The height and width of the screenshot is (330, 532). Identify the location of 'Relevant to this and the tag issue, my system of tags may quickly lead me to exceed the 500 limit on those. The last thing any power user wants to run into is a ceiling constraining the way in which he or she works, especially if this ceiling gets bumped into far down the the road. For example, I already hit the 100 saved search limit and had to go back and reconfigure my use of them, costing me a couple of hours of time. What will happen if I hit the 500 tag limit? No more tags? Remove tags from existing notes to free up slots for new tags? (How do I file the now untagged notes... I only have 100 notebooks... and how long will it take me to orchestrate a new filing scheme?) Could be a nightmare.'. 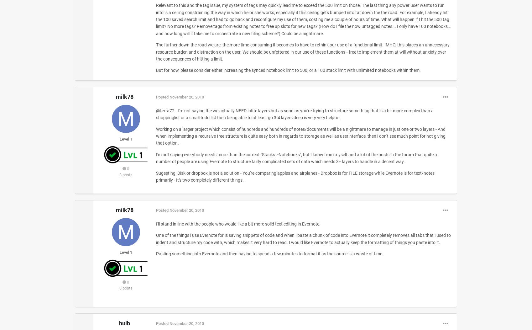
(303, 19).